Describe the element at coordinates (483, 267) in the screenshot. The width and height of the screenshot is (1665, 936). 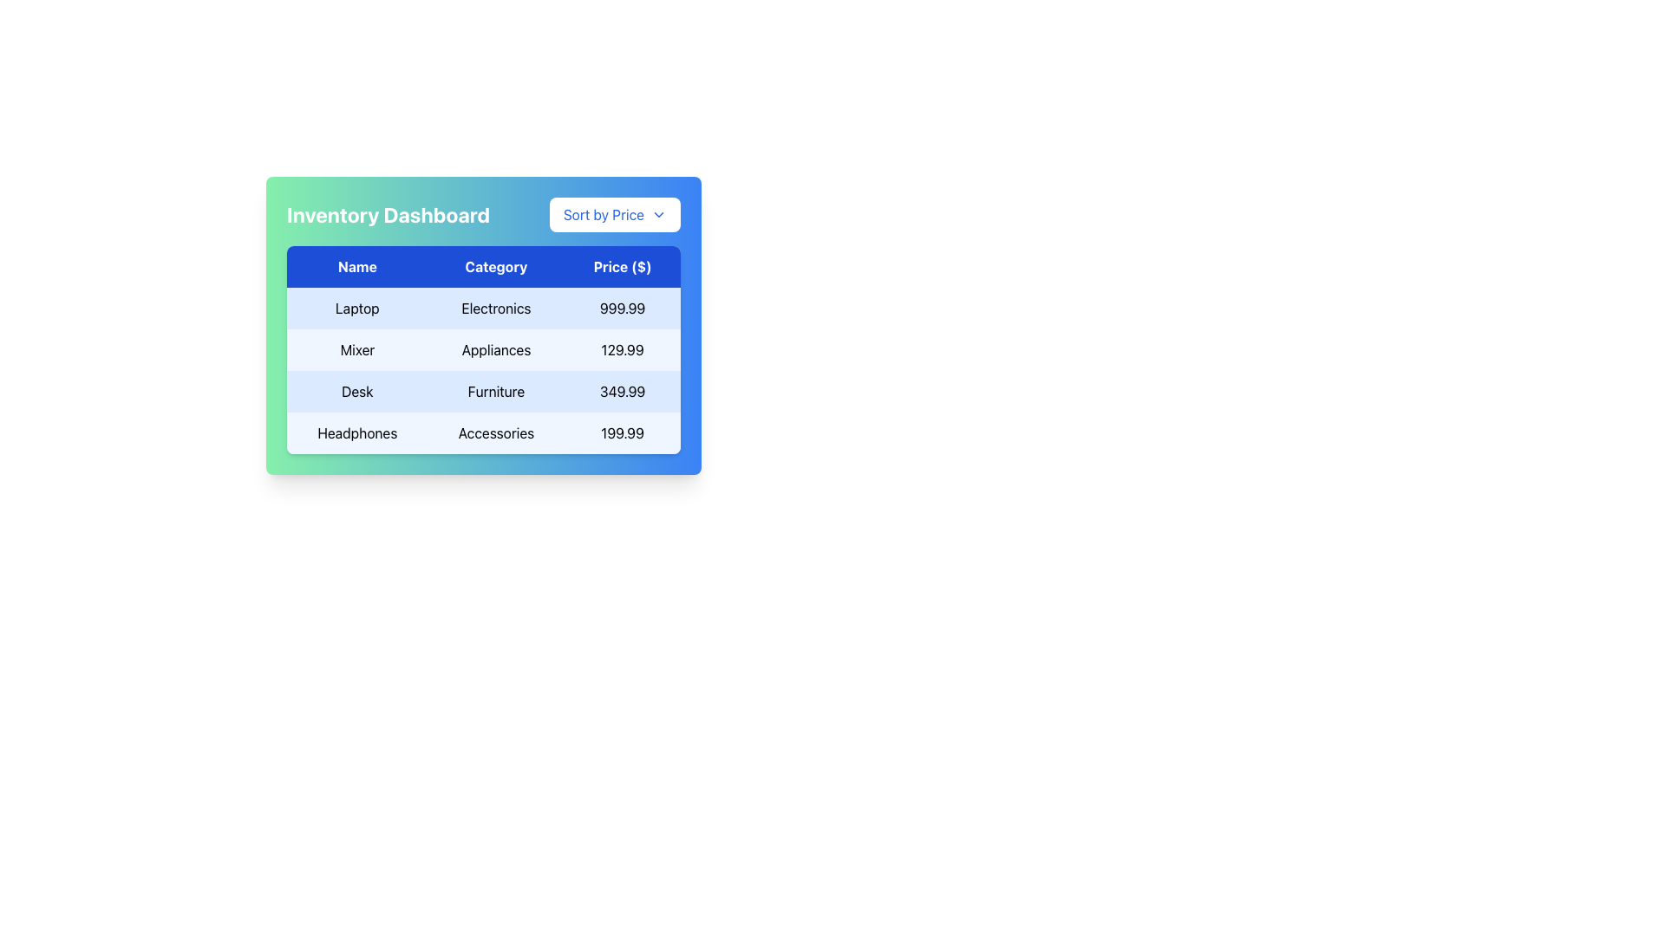
I see `the table header element that indicates the column names for the data in the rows below it by moving the cursor to its center point` at that location.